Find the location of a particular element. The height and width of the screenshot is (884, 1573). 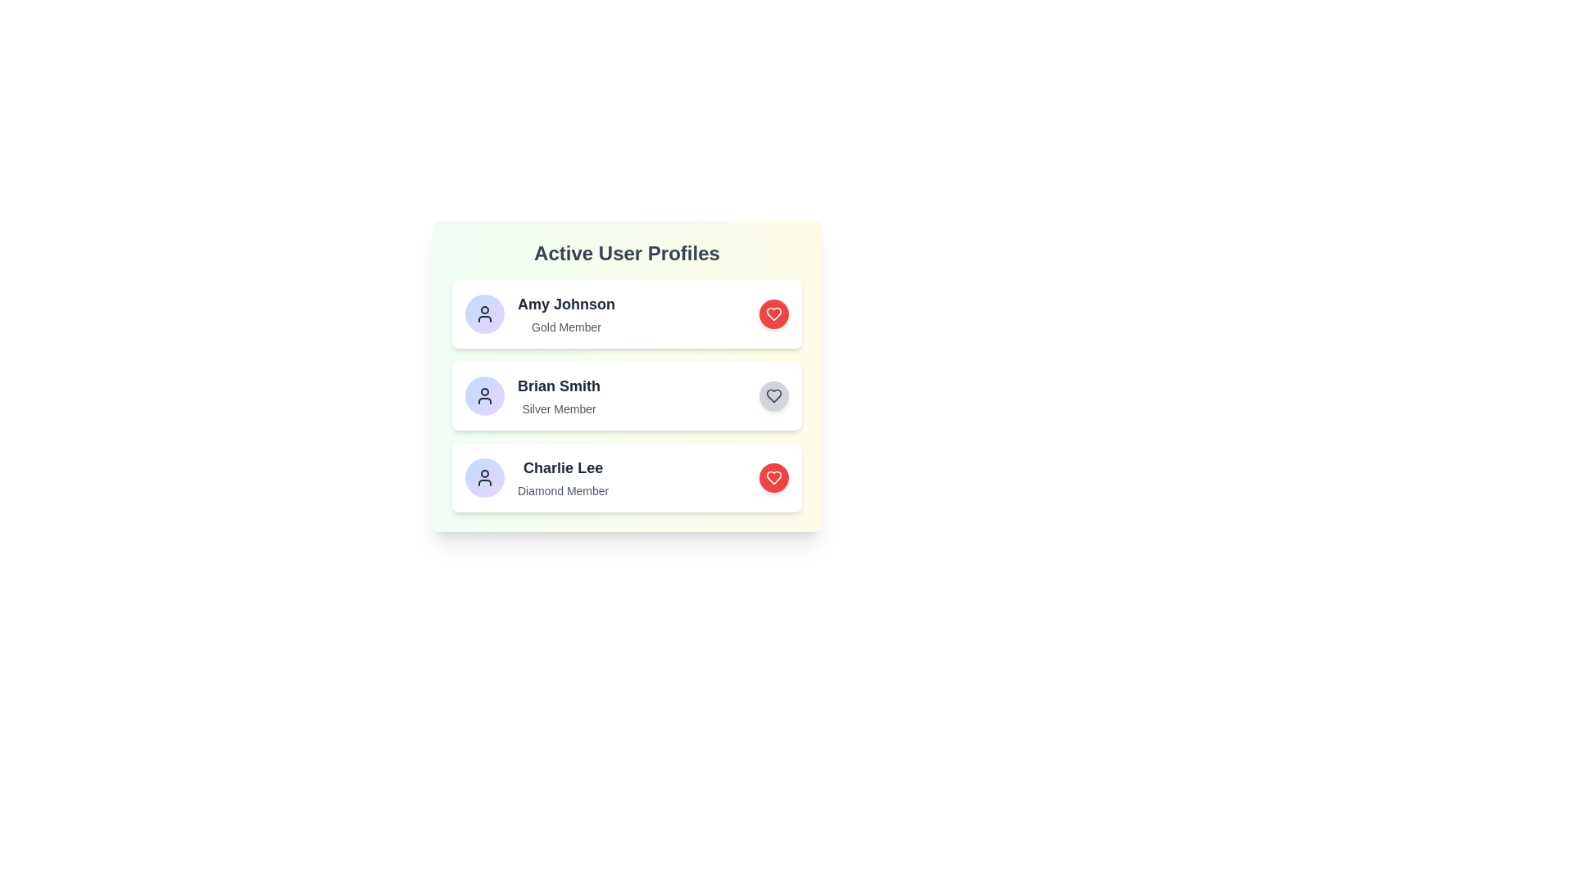

the interactive button located to the right of the text 'Charlie Lee' to signify favoriting or liking the associated profile is located at coordinates (773, 477).